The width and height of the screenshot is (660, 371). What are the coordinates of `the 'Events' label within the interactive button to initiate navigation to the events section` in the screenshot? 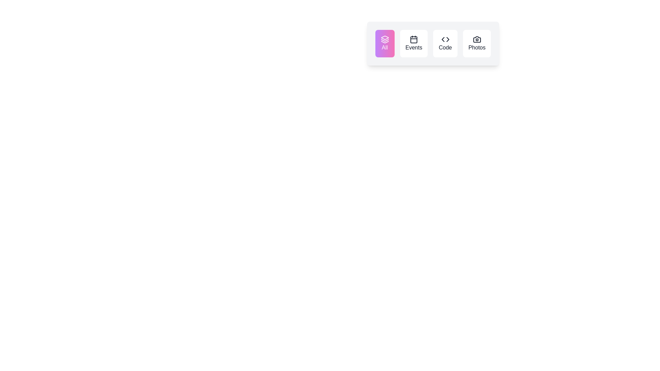 It's located at (414, 47).